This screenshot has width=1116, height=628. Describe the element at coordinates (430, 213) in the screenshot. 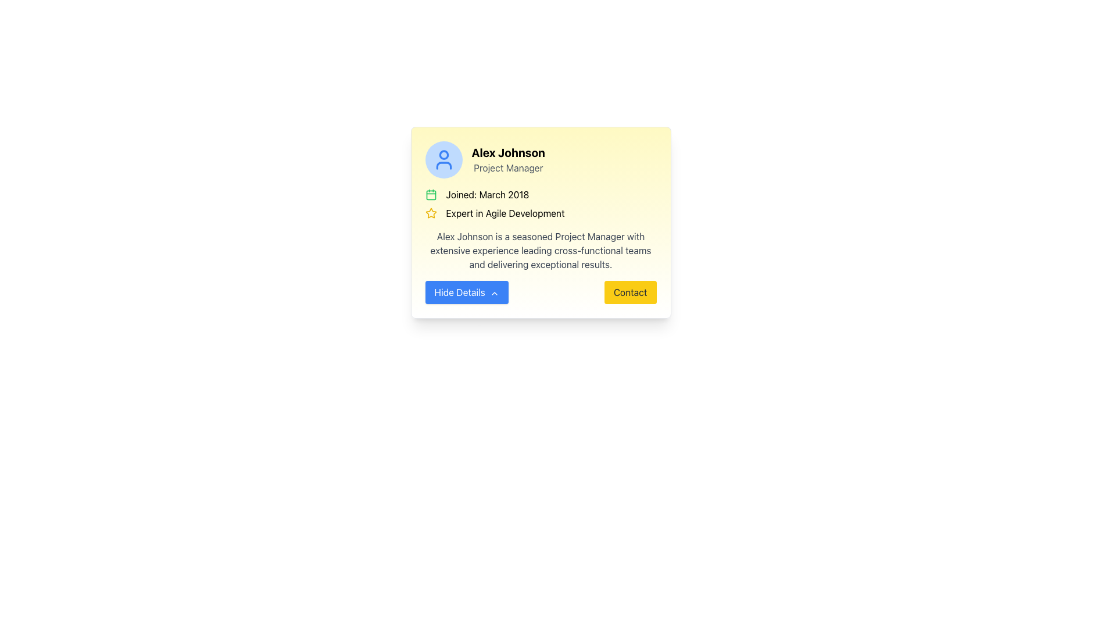

I see `the star-shaped icon outlined in yellow, which is the first element in the row before the text 'Expert in Agile Development'` at that location.